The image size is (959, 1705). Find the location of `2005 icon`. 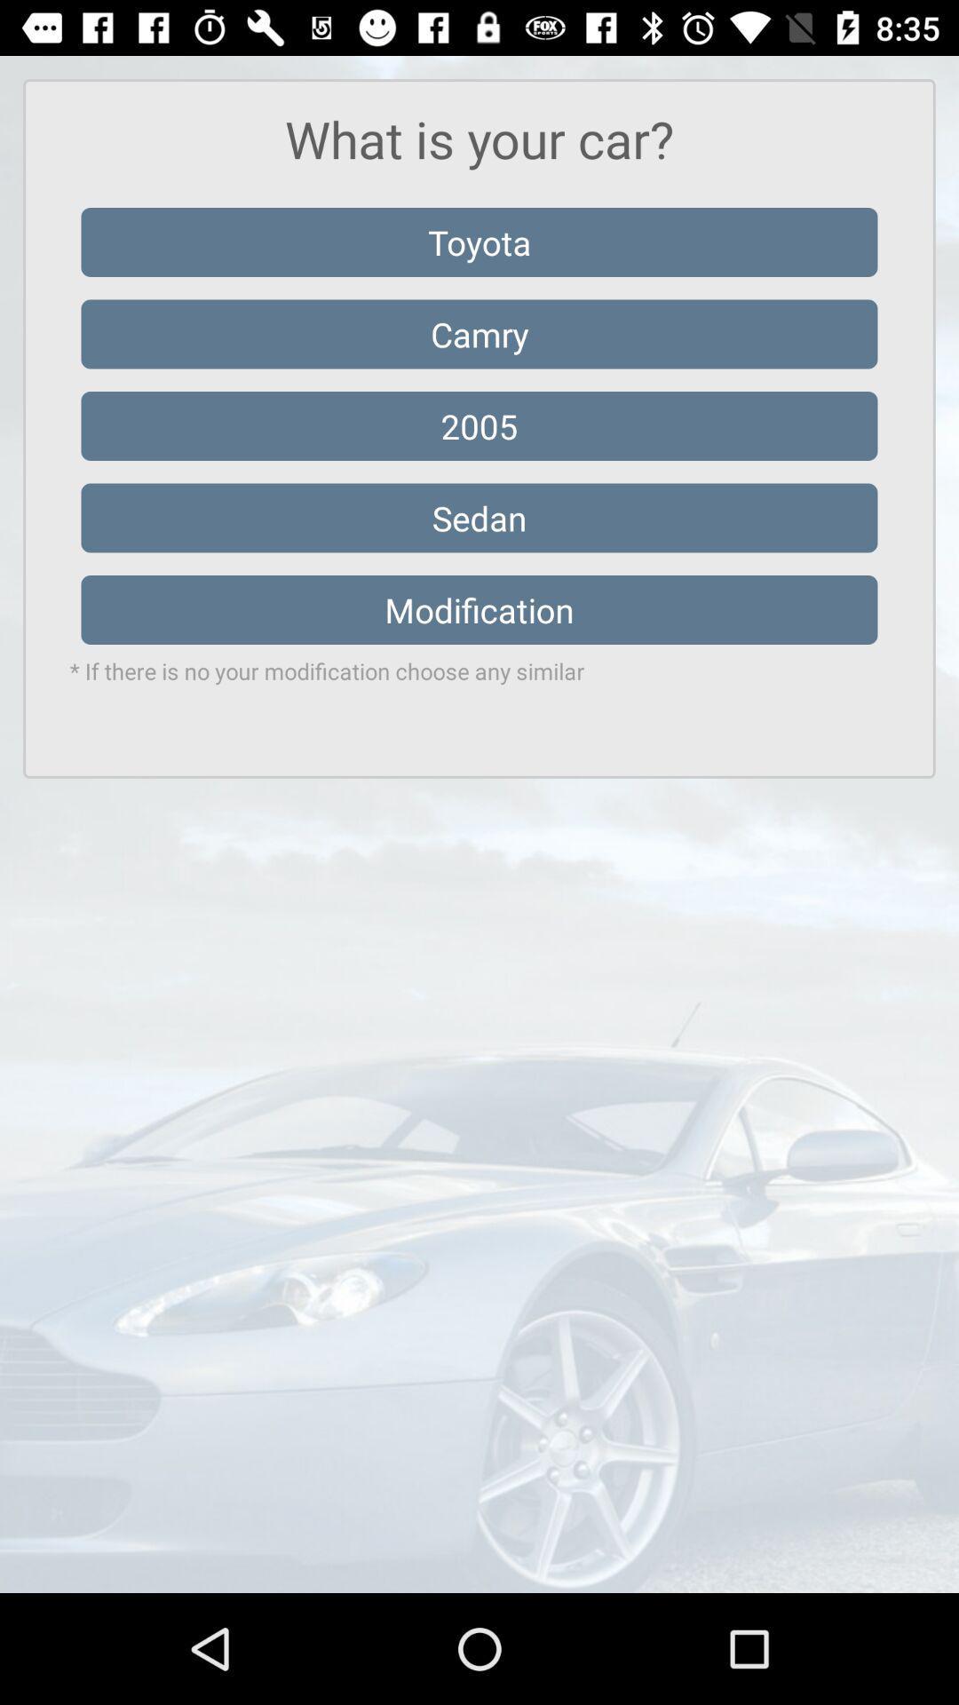

2005 icon is located at coordinates (479, 426).